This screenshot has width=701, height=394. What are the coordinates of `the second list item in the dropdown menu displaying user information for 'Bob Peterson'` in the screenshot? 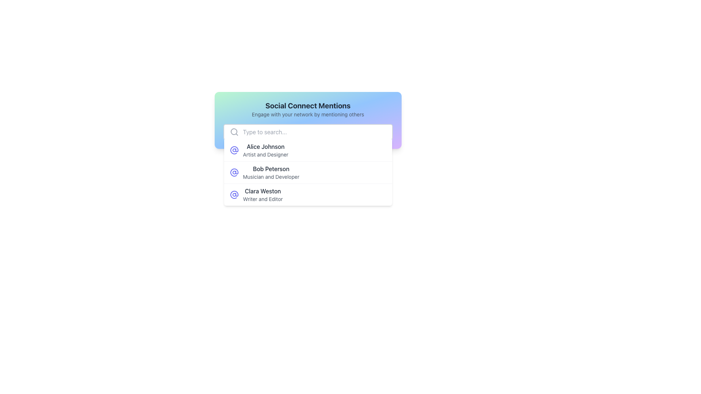 It's located at (308, 173).